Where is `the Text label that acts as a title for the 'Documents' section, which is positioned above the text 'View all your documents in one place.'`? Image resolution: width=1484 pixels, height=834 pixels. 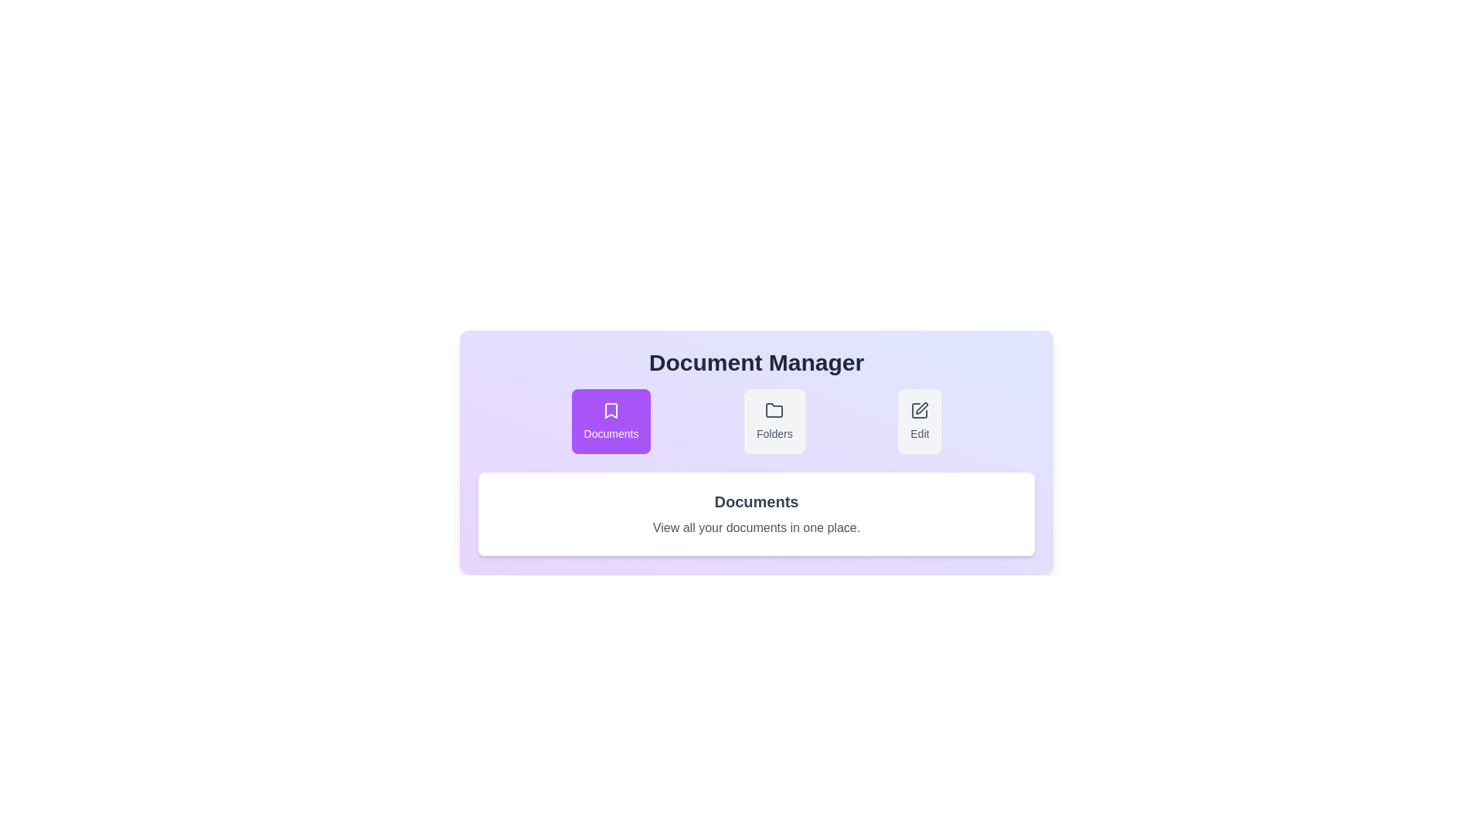 the Text label that acts as a title for the 'Documents' section, which is positioned above the text 'View all your documents in one place.' is located at coordinates (757, 502).